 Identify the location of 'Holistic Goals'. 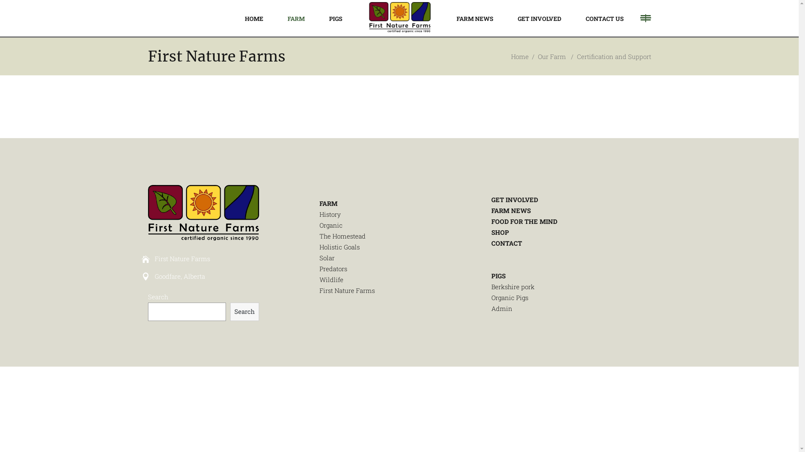
(340, 247).